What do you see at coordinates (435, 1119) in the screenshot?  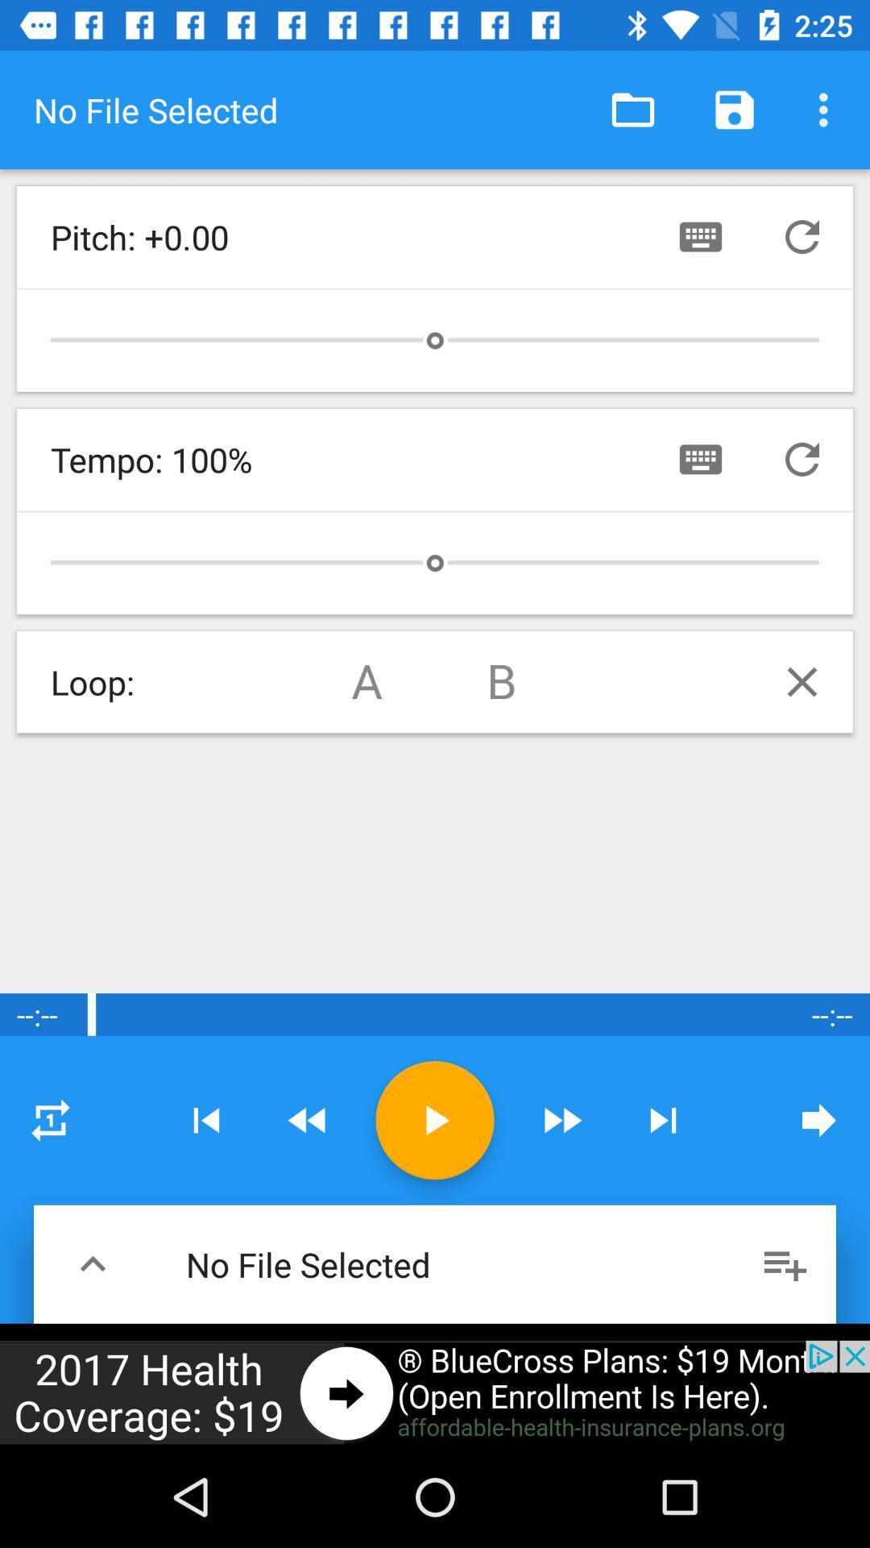 I see `the play icon` at bounding box center [435, 1119].